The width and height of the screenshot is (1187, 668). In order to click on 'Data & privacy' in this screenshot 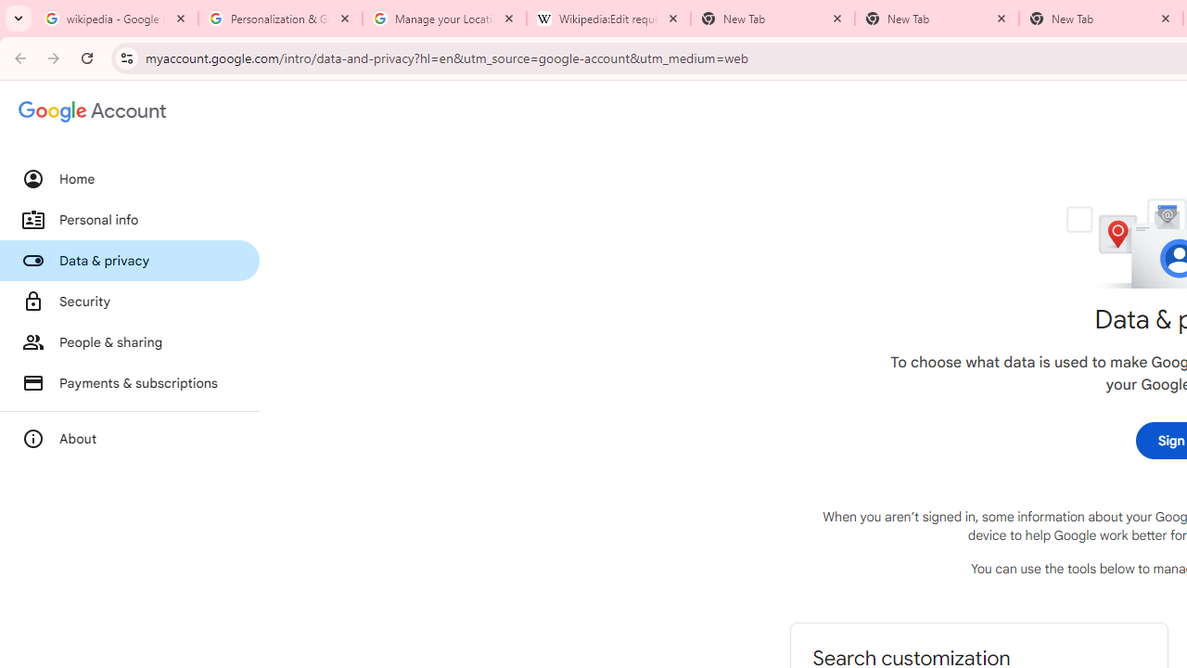, I will do `click(129, 261)`.